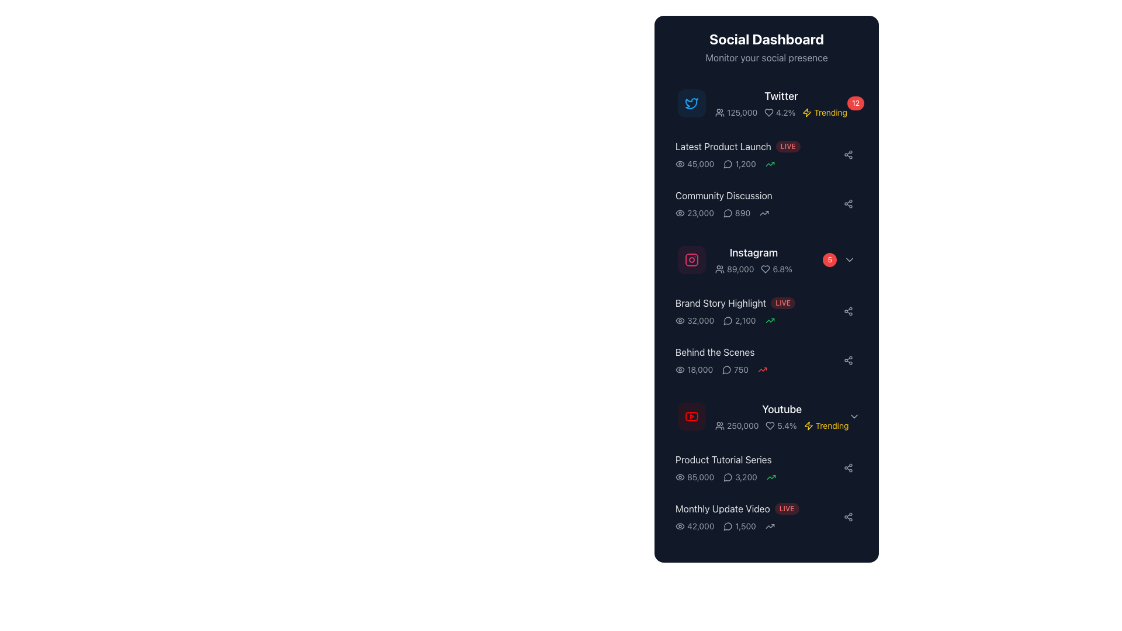  What do you see at coordinates (766, 516) in the screenshot?
I see `stats for the 'Monthly Update Video' card located as the last item in the vertical list below the 'Product Tutorial Series' card` at bounding box center [766, 516].